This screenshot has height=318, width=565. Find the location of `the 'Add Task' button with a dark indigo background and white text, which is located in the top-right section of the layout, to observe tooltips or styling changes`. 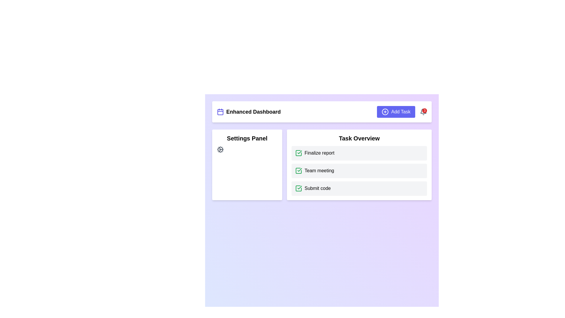

the 'Add Task' button with a dark indigo background and white text, which is located in the top-right section of the layout, to observe tooltips or styling changes is located at coordinates (396, 112).